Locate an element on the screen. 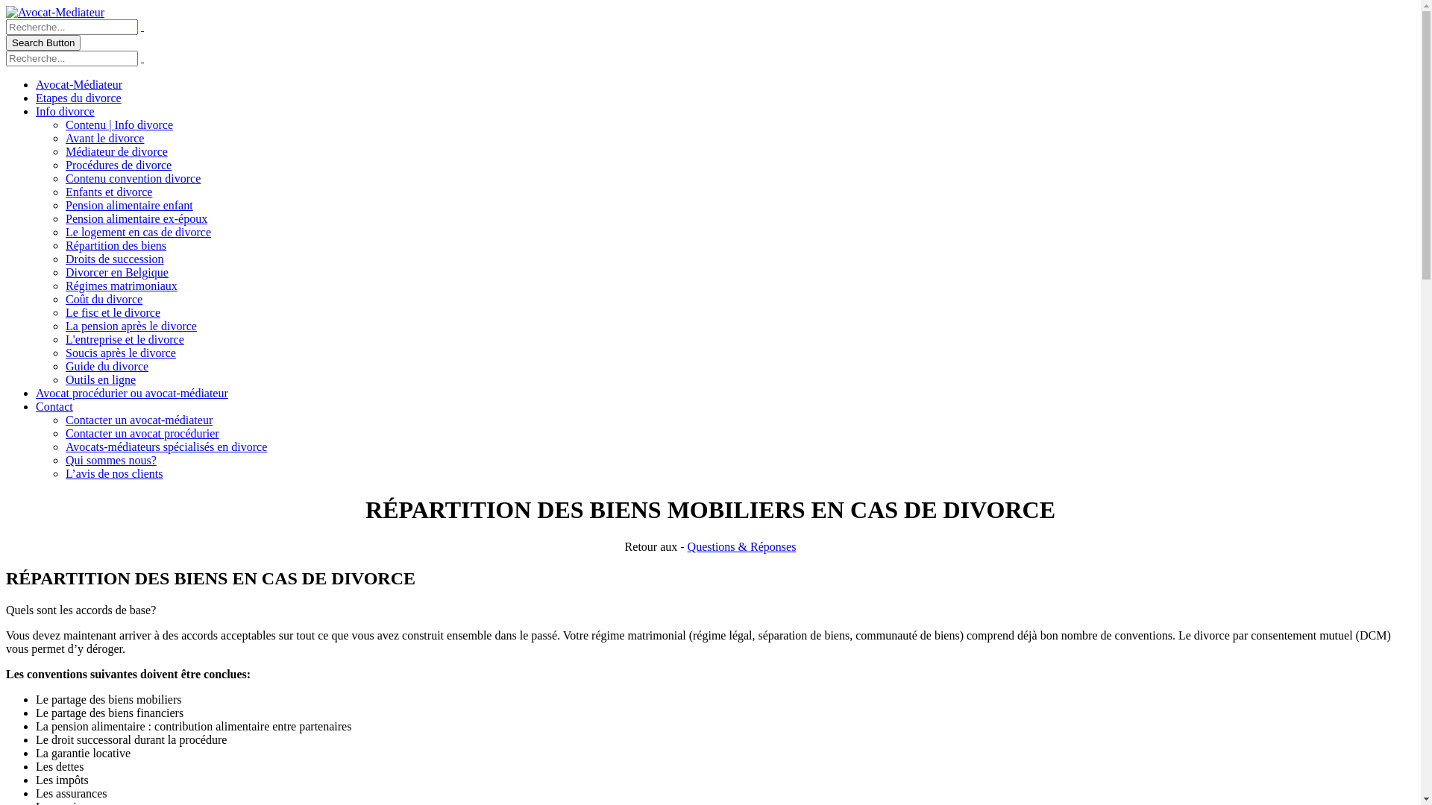  'Le logement en cas de divorce' is located at coordinates (138, 232).